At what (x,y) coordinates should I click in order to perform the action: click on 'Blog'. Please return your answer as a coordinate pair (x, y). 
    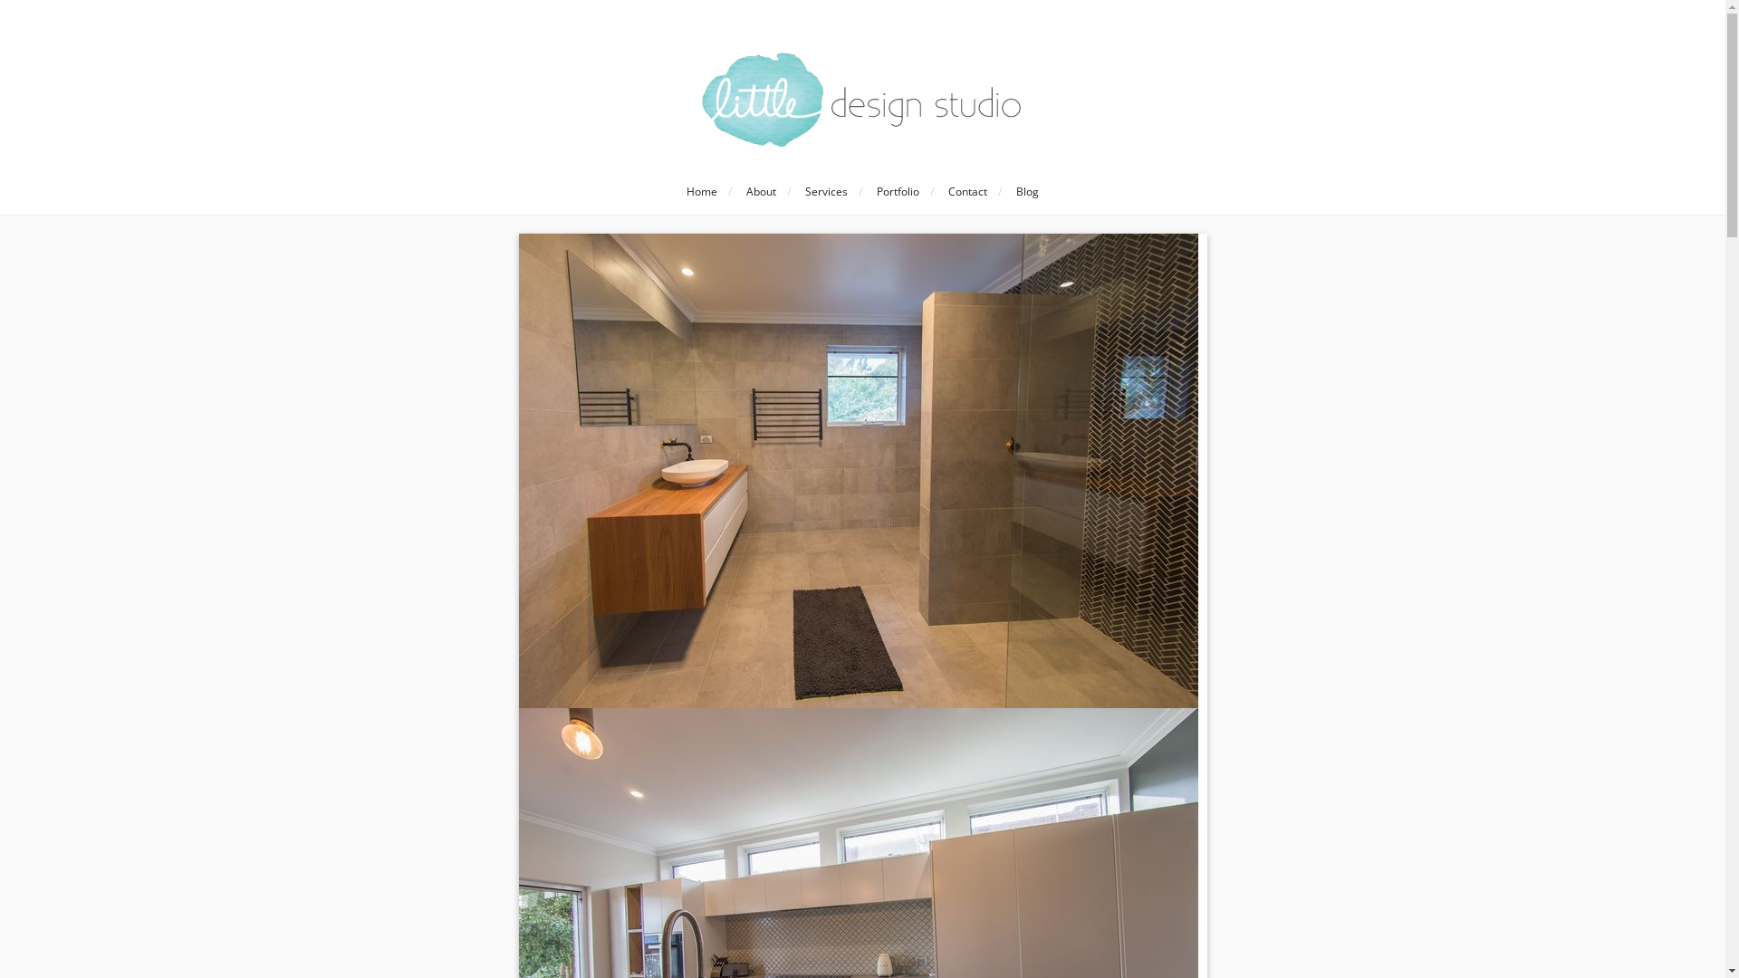
    Looking at the image, I should click on (1004, 192).